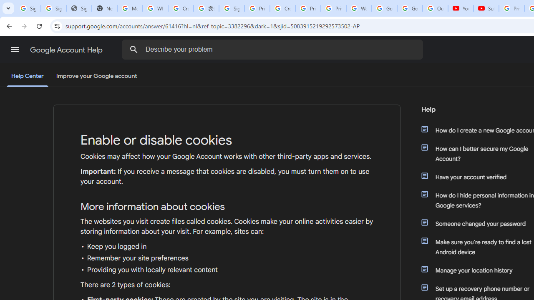 The width and height of the screenshot is (534, 300). I want to click on 'Sign In - USA TODAY', so click(79, 8).